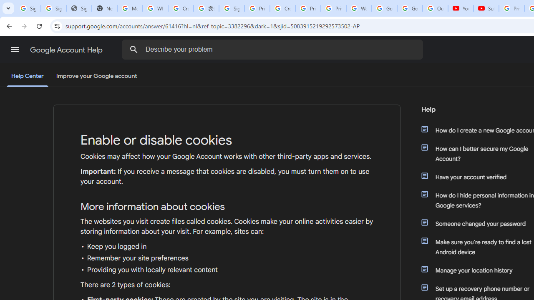 The width and height of the screenshot is (534, 300). I want to click on 'Sign In - USA TODAY', so click(79, 8).